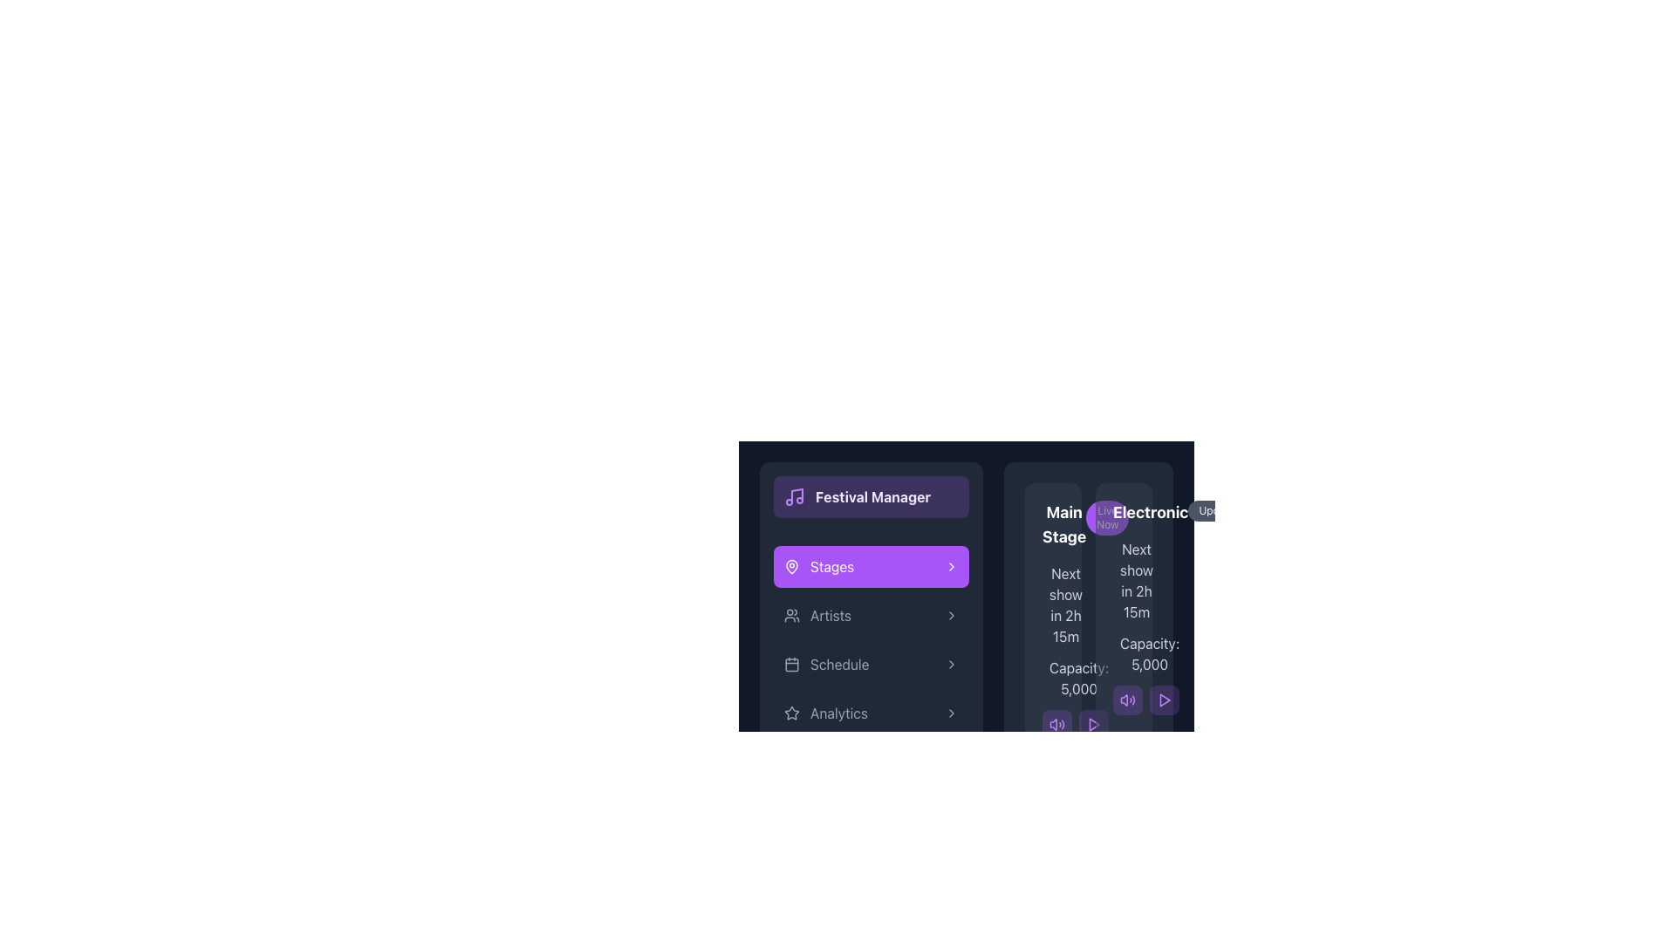  Describe the element at coordinates (1063, 523) in the screenshot. I see `the 'Main Stage' text label to focus on the stage details` at that location.